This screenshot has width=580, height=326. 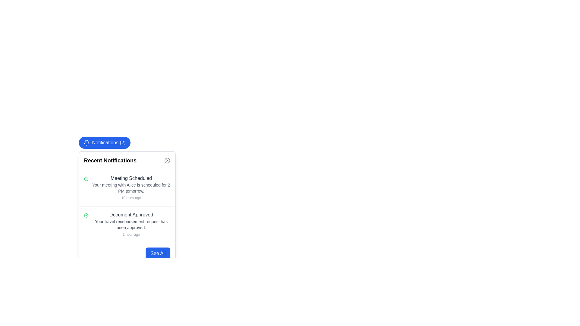 I want to click on the timestamp text label located below the meeting details in the 'Meeting Scheduled' notification card, so click(x=131, y=198).